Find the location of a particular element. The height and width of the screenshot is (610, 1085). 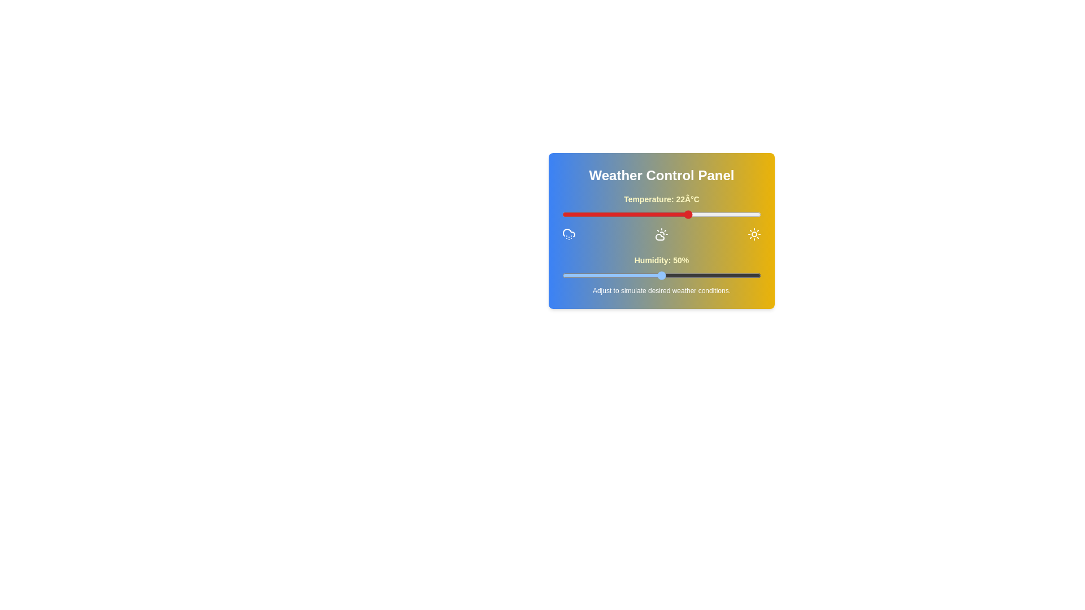

the temperature is located at coordinates (749, 215).